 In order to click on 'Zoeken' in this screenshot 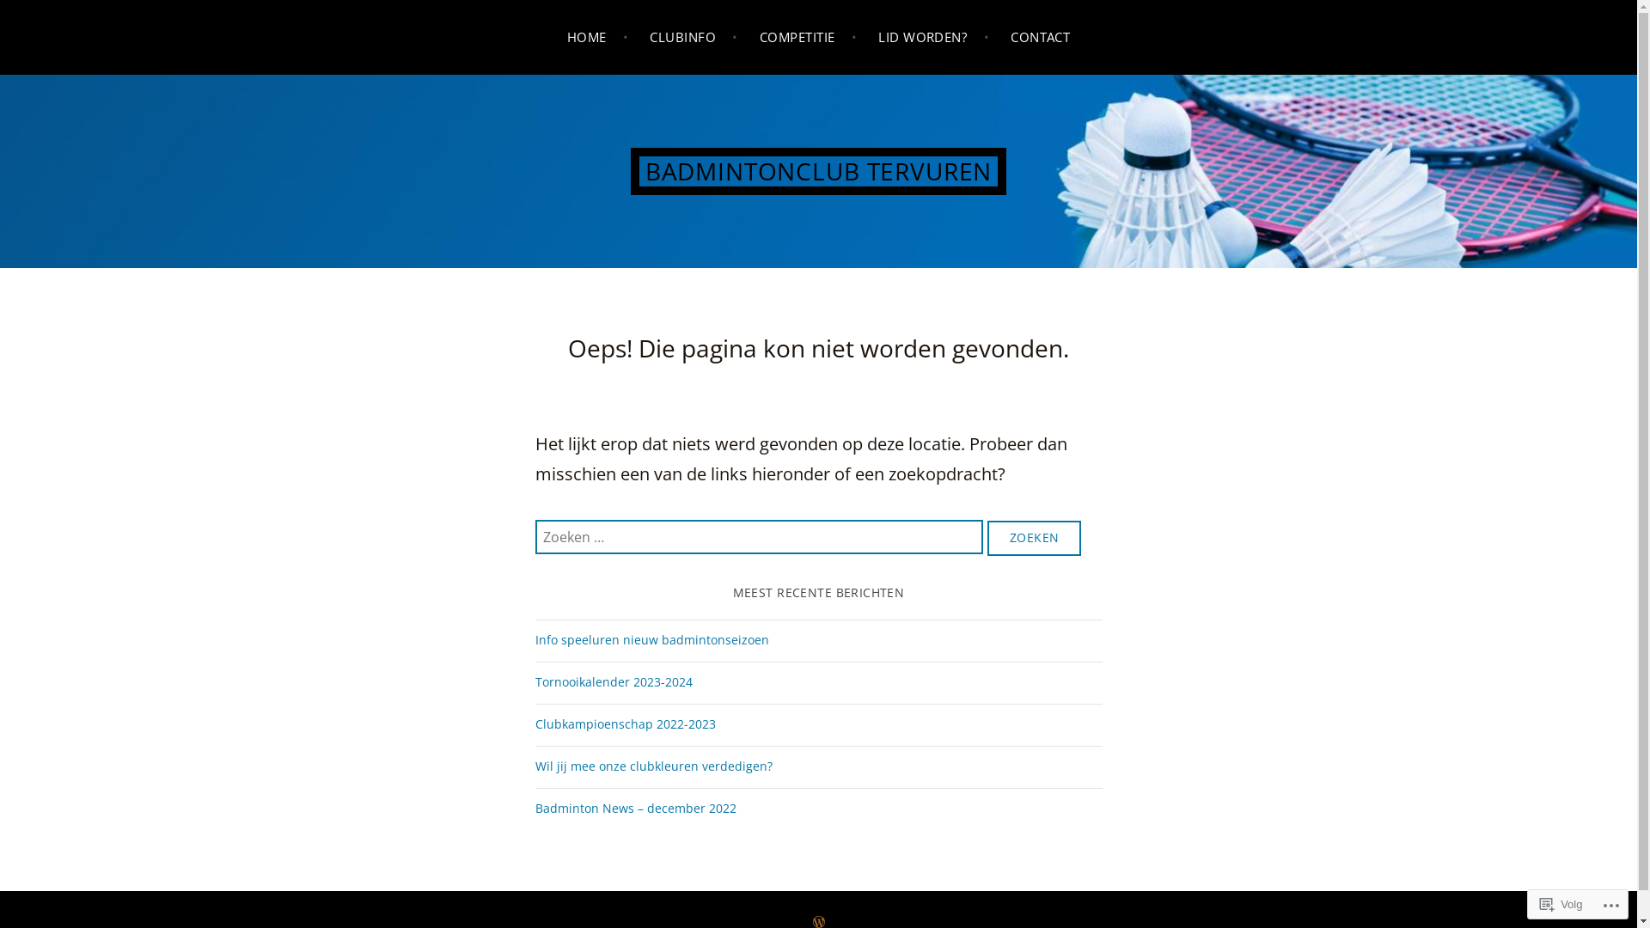, I will do `click(987, 537)`.